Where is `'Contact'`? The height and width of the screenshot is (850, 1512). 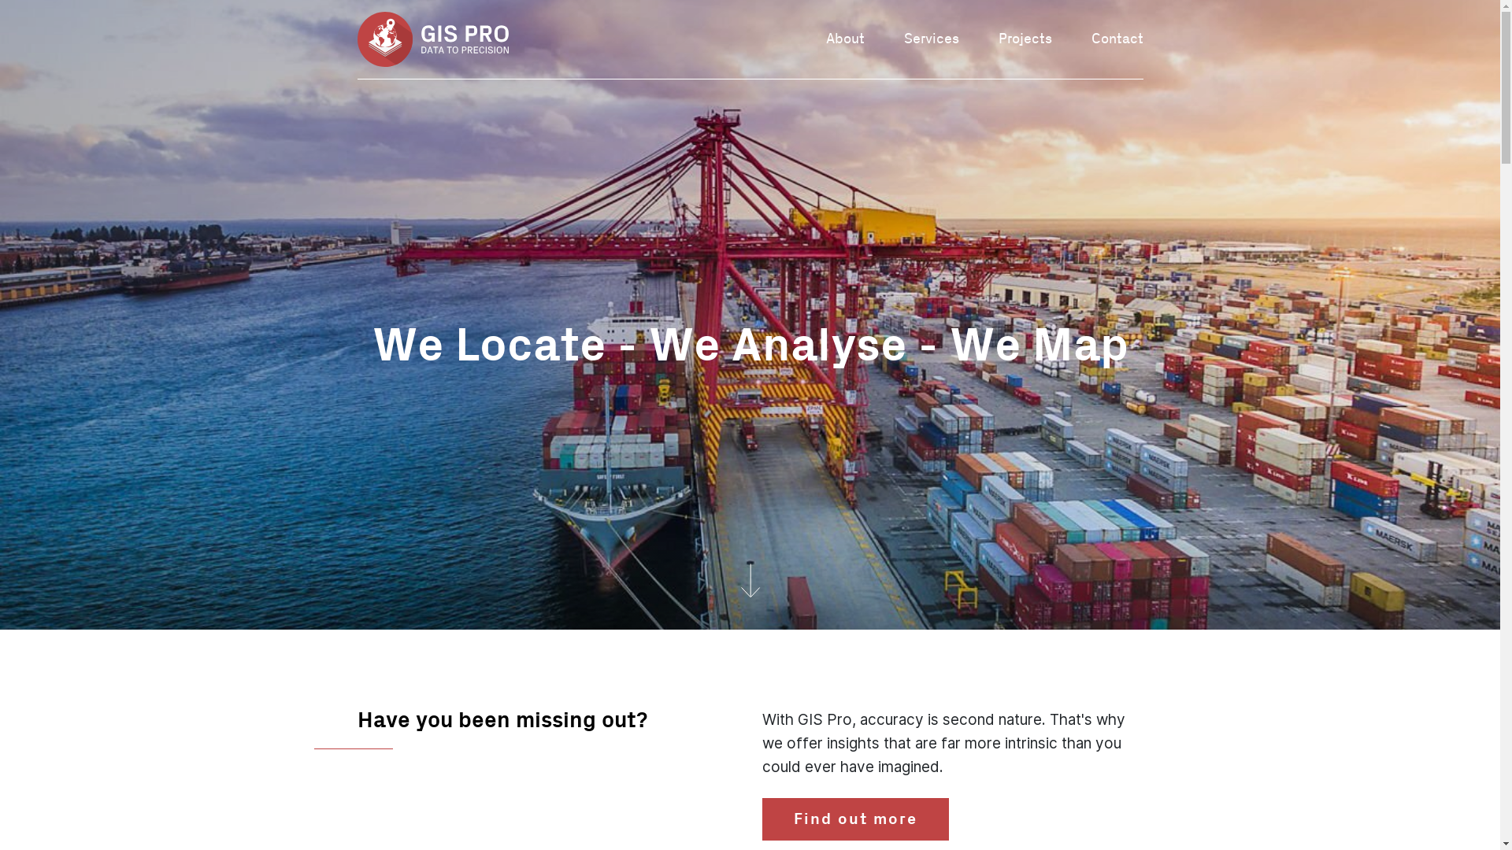
'Contact' is located at coordinates (1117, 38).